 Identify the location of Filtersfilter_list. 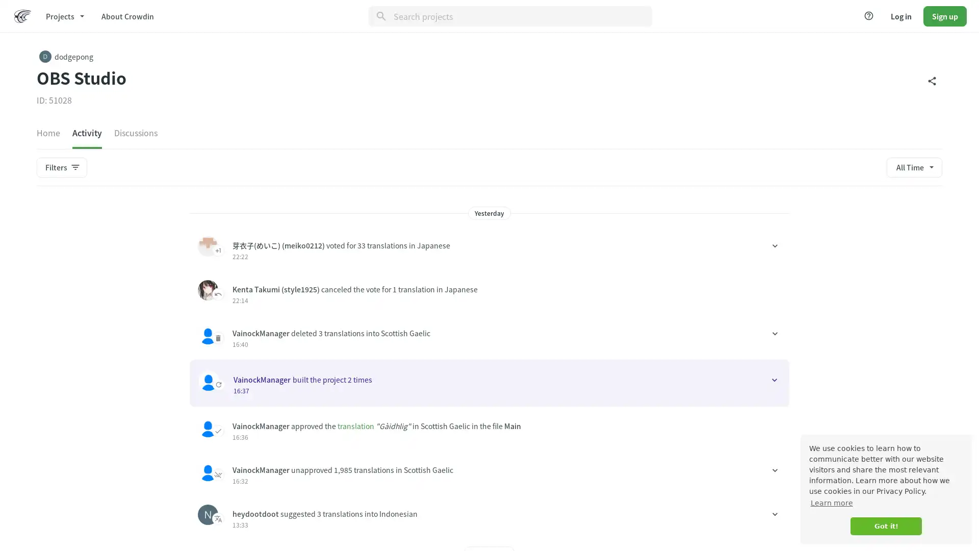
(61, 166).